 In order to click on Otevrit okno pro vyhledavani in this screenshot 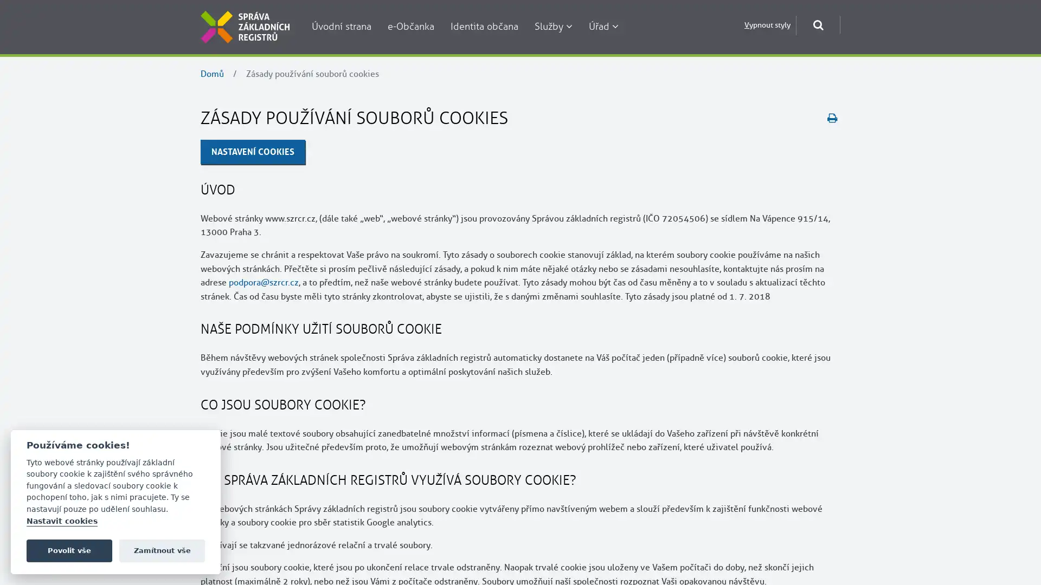, I will do `click(818, 24)`.